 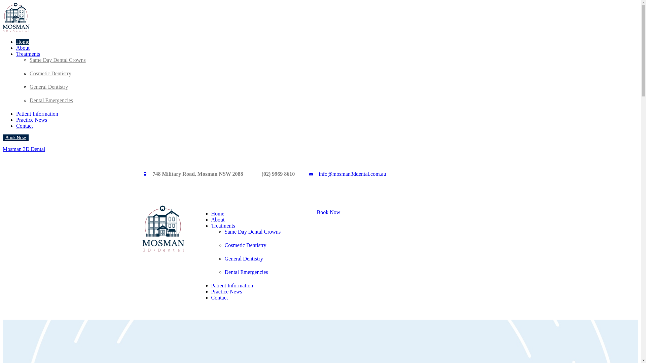 I want to click on 'Treatments', so click(x=28, y=53).